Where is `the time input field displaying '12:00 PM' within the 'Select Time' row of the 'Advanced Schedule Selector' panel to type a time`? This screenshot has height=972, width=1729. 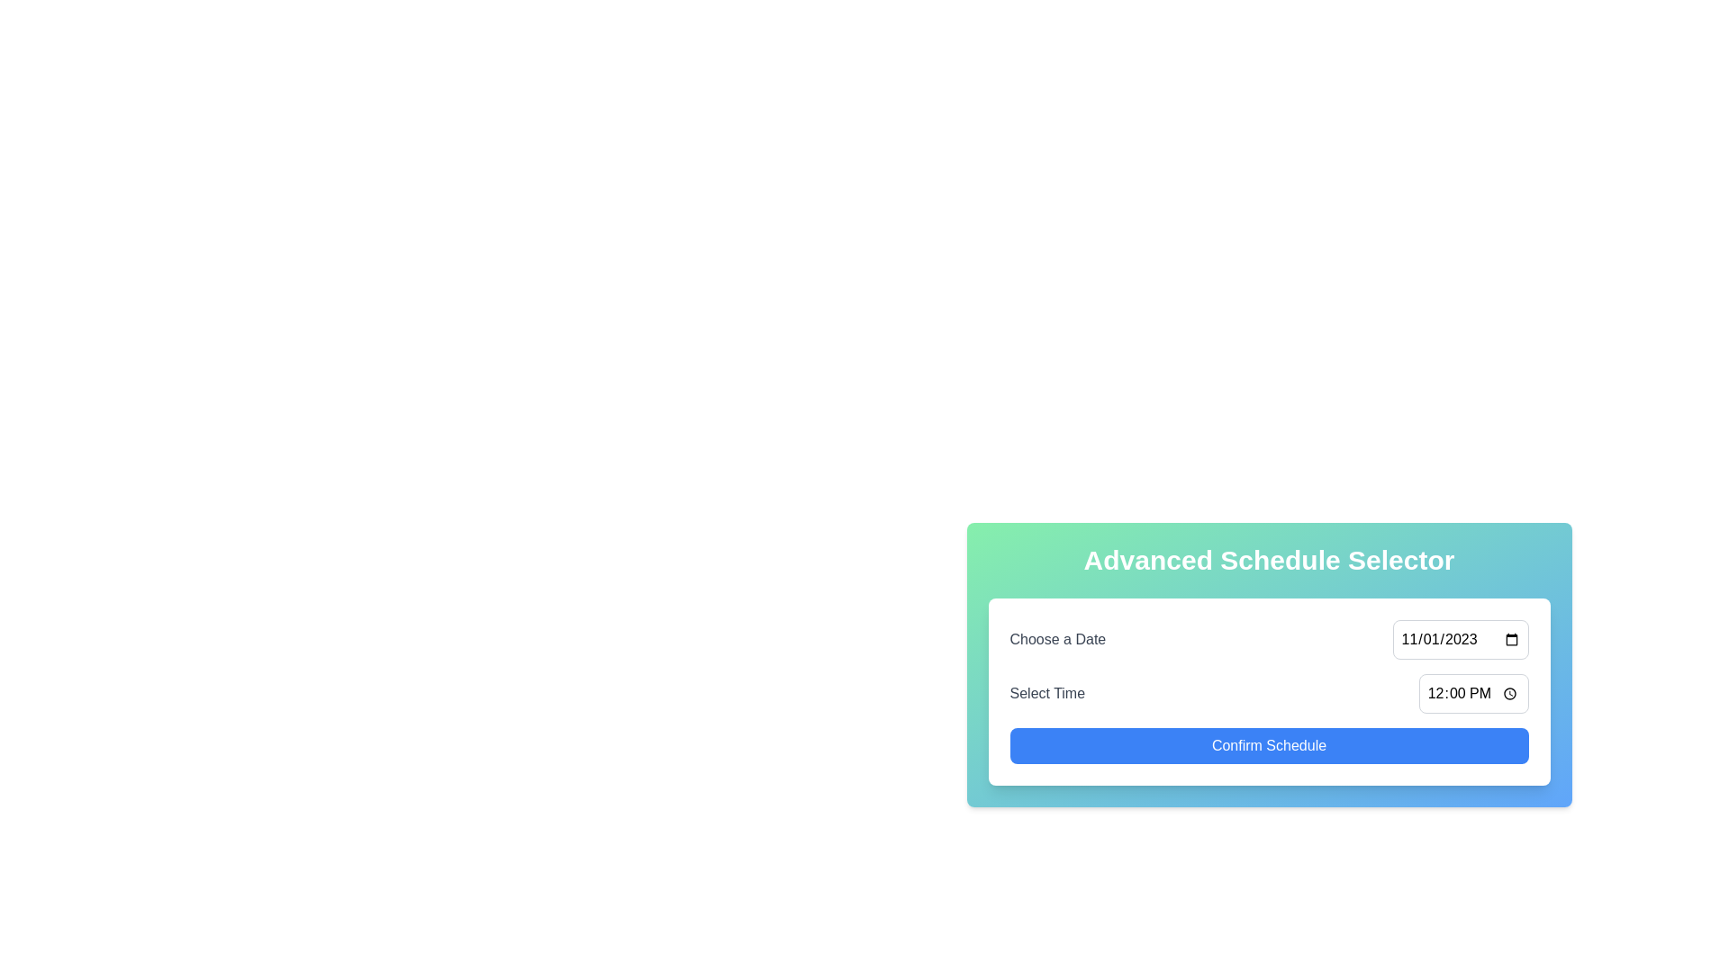
the time input field displaying '12:00 PM' within the 'Select Time' row of the 'Advanced Schedule Selector' panel to type a time is located at coordinates (1473, 693).